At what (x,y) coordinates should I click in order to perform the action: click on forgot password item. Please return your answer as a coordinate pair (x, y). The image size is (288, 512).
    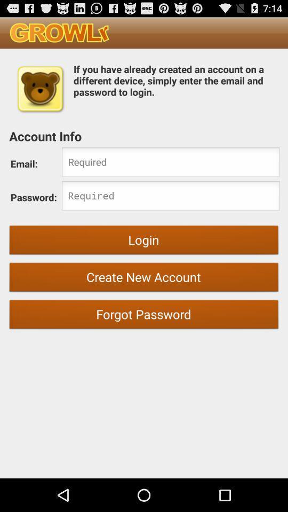
    Looking at the image, I should click on (144, 316).